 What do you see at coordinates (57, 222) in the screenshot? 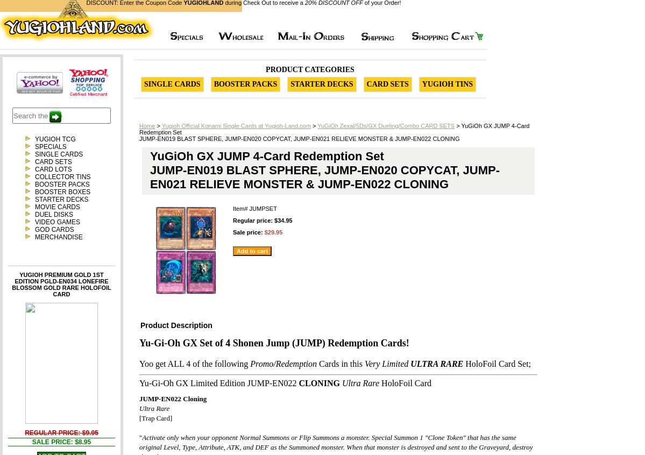
I see `'VIDEO GAMES'` at bounding box center [57, 222].